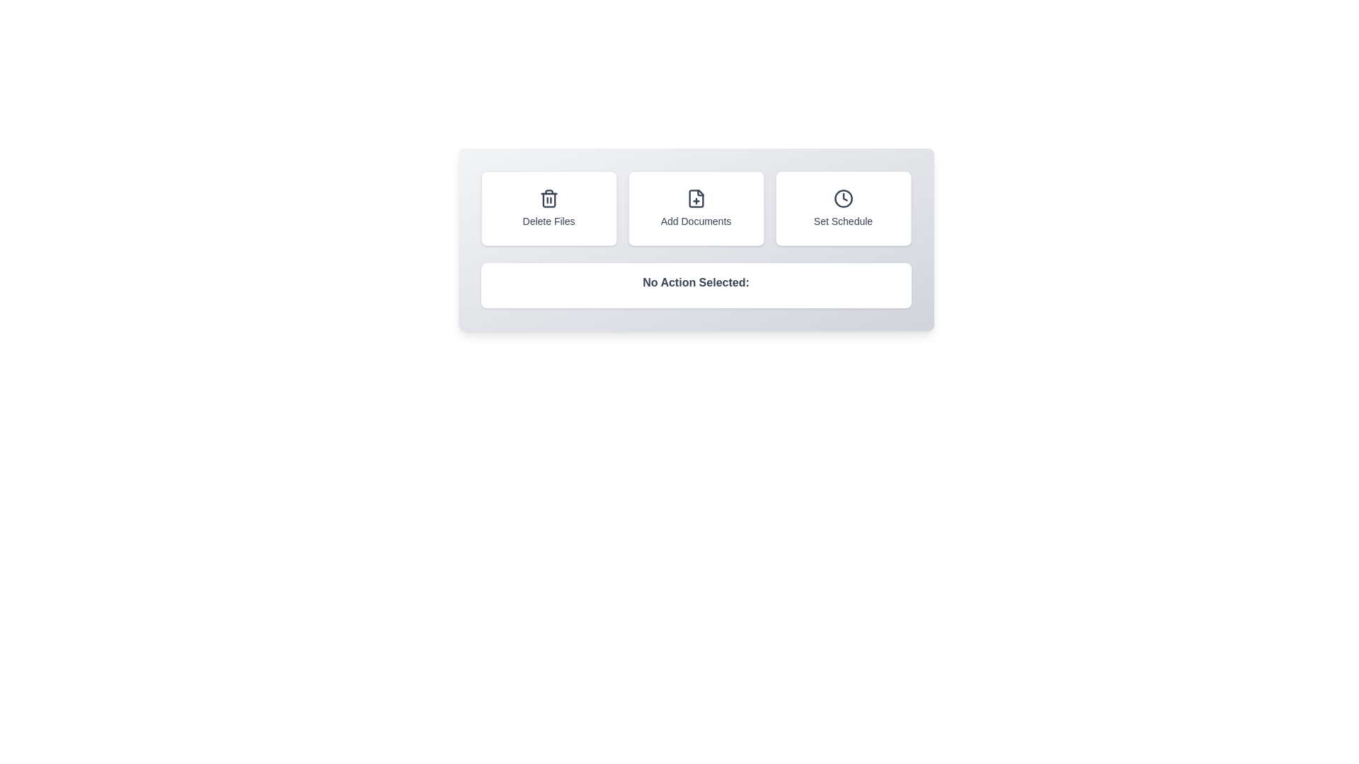 This screenshot has height=764, width=1359. What do you see at coordinates (844, 197) in the screenshot?
I see `the Decorative SVG element that resembles clock hands, part of the clock icon in the upper-right card labeled 'Set Schedule'` at bounding box center [844, 197].